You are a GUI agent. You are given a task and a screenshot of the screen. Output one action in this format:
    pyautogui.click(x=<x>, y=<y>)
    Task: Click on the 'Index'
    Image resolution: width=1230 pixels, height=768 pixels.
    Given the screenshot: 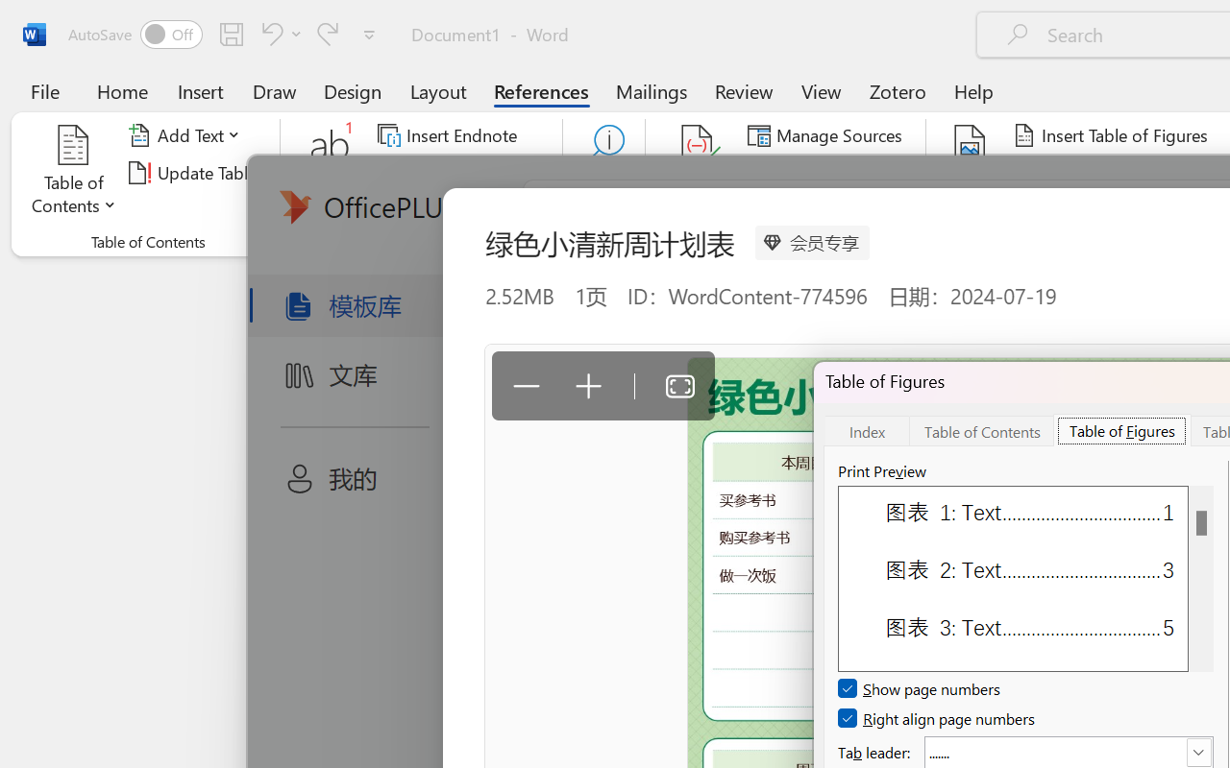 What is the action you would take?
    pyautogui.click(x=866, y=429)
    